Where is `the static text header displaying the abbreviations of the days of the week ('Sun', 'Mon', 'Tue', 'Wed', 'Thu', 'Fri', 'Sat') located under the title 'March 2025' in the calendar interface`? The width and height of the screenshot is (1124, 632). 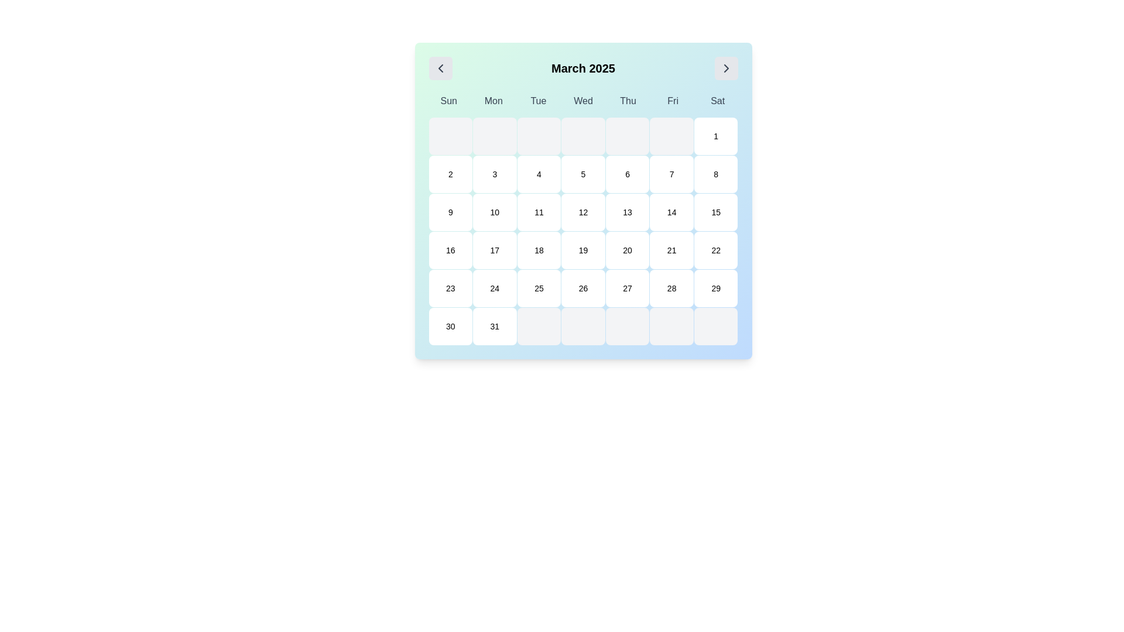
the static text header displaying the abbreviations of the days of the week ('Sun', 'Mon', 'Tue', 'Wed', 'Thu', 'Fri', 'Sat') located under the title 'March 2025' in the calendar interface is located at coordinates (583, 101).